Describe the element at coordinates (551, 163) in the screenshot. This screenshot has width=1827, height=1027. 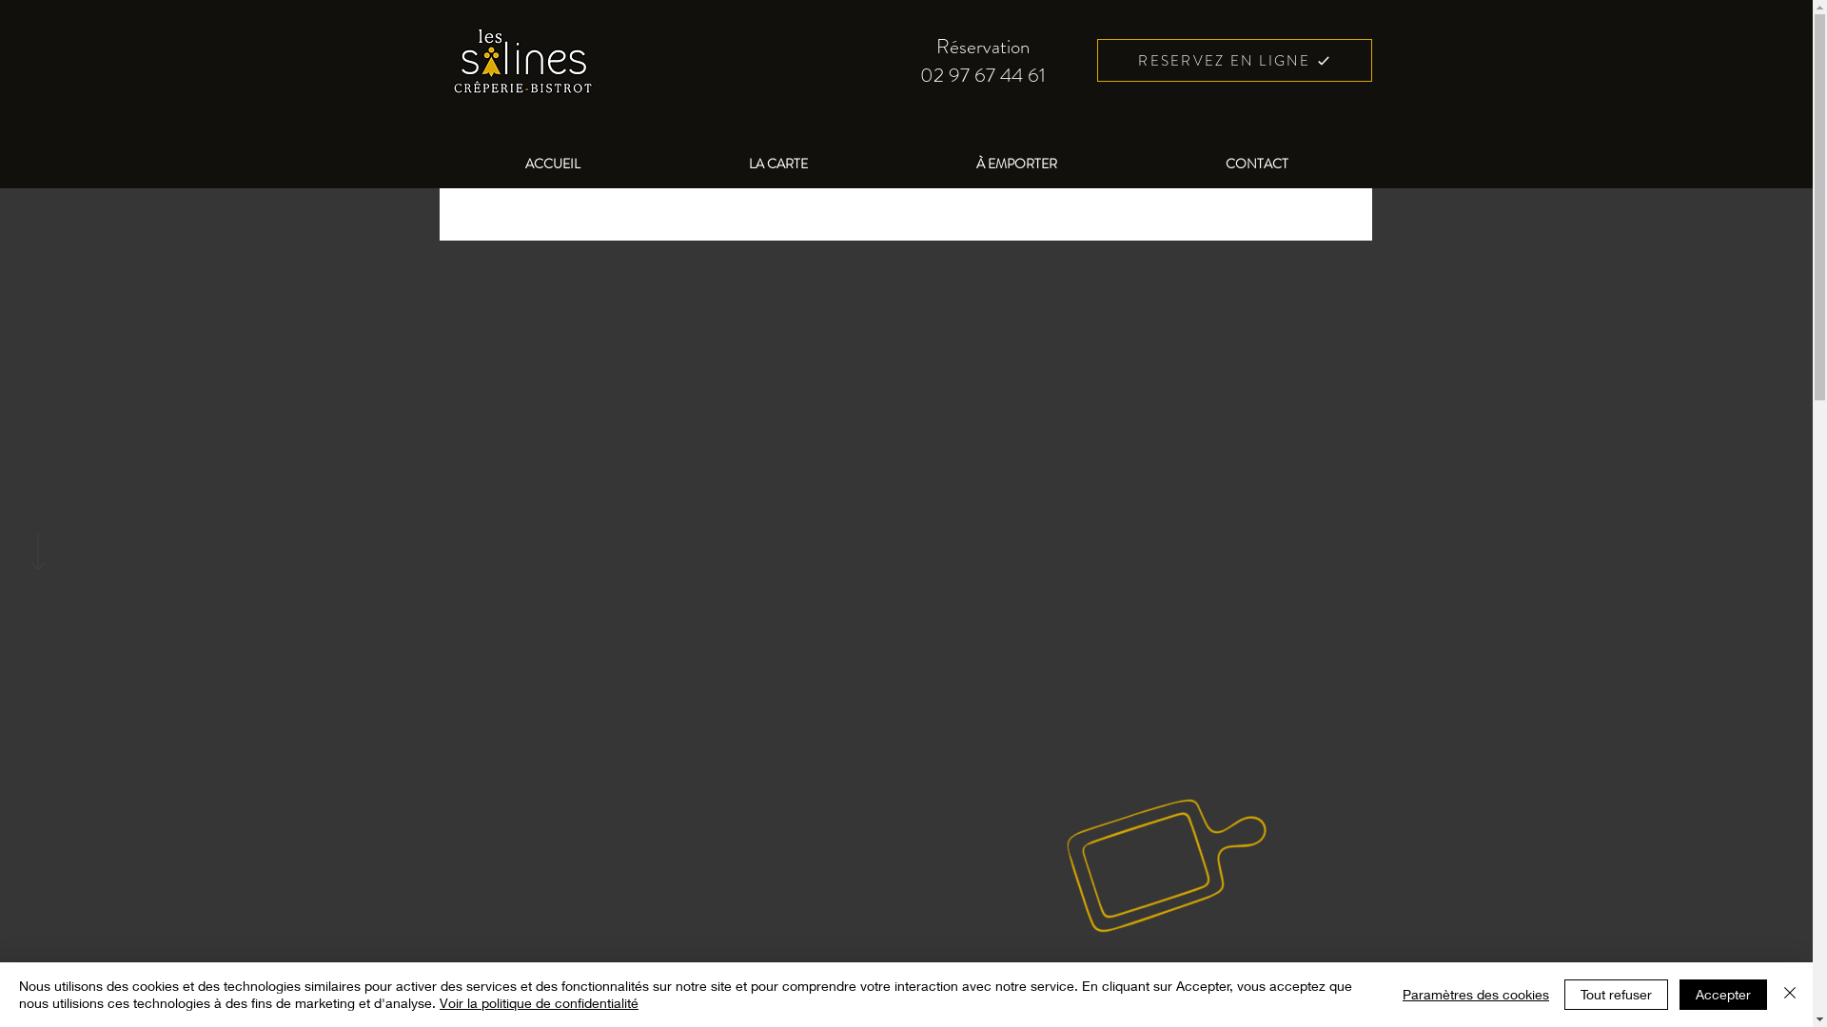
I see `'ACCUEIL'` at that location.